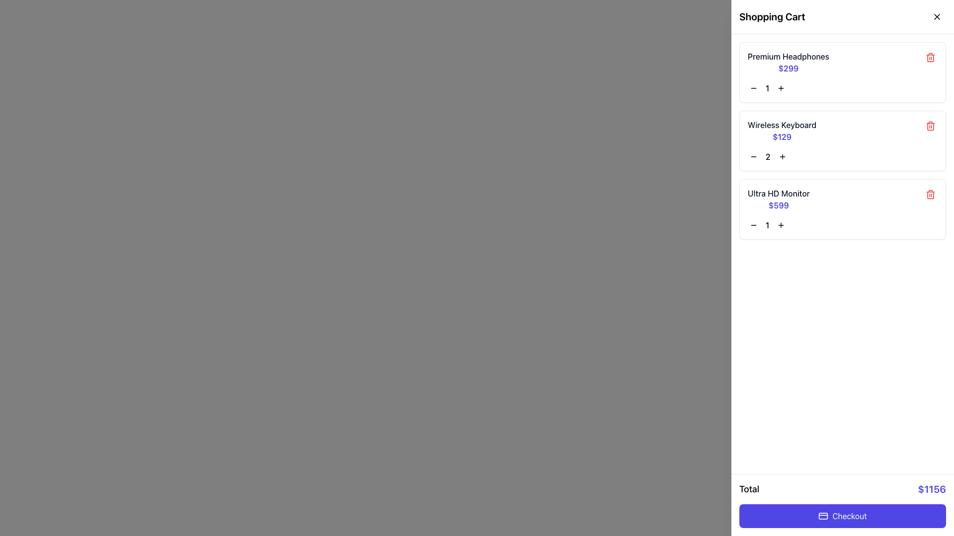  I want to click on the red trash bin icon button located at the far right of the 'Premium Headphones' item row in the shopping cart, so click(930, 57).